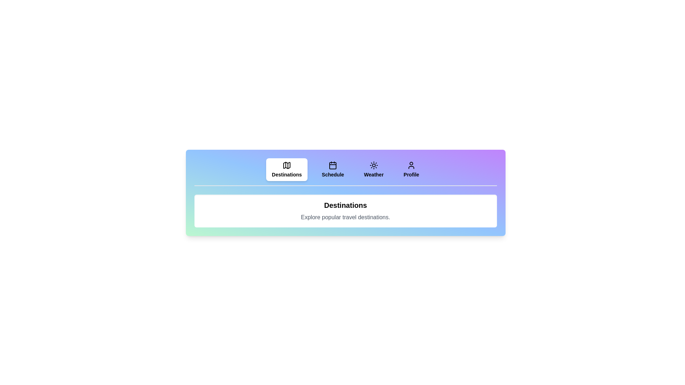 The image size is (685, 385). What do you see at coordinates (333, 169) in the screenshot?
I see `the Schedule tab to see its hover effect` at bounding box center [333, 169].